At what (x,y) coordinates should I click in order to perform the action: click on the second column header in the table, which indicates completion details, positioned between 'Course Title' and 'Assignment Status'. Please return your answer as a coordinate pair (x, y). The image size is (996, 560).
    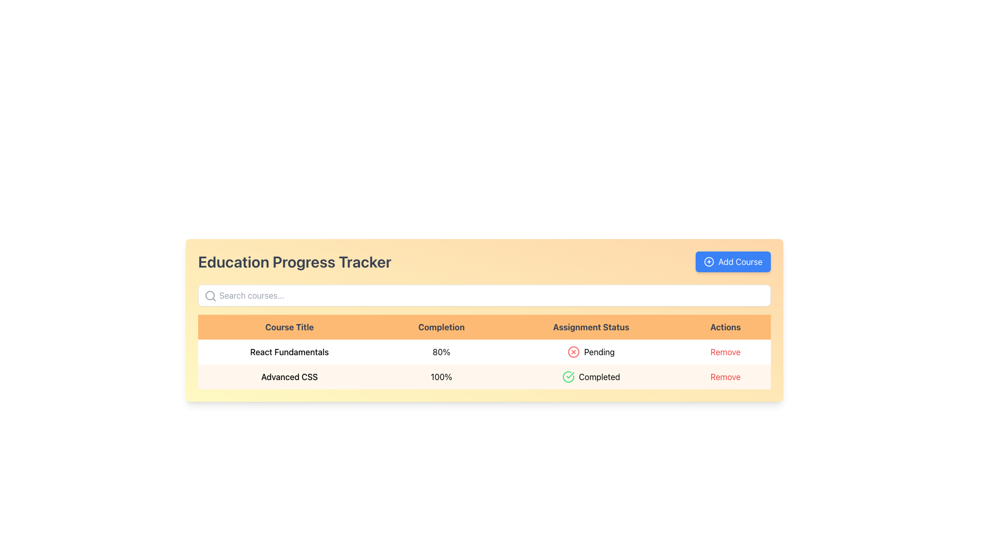
    Looking at the image, I should click on (441, 327).